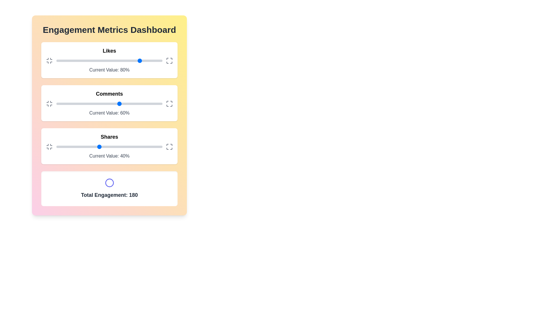  Describe the element at coordinates (66, 60) in the screenshot. I see `the 'Likes' slider` at that location.